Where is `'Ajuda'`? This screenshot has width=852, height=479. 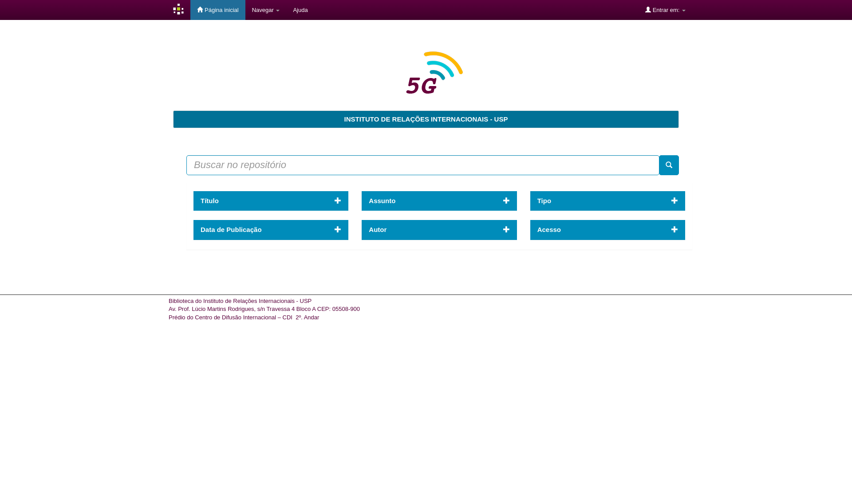 'Ajuda' is located at coordinates (300, 10).